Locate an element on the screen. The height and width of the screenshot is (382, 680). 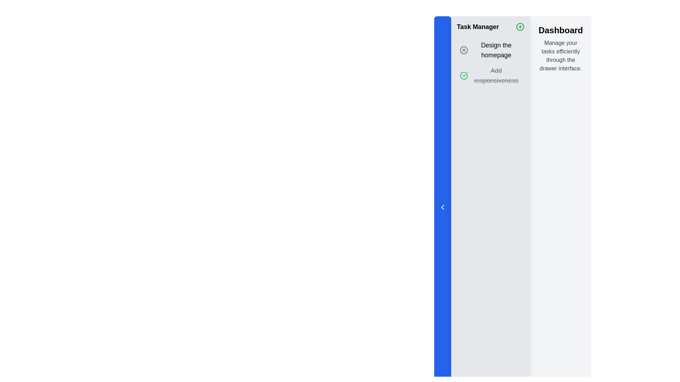
the text label 'Design the homepage' which serves as the title for the first task in the task list under the 'Task Manager' section is located at coordinates (496, 50).